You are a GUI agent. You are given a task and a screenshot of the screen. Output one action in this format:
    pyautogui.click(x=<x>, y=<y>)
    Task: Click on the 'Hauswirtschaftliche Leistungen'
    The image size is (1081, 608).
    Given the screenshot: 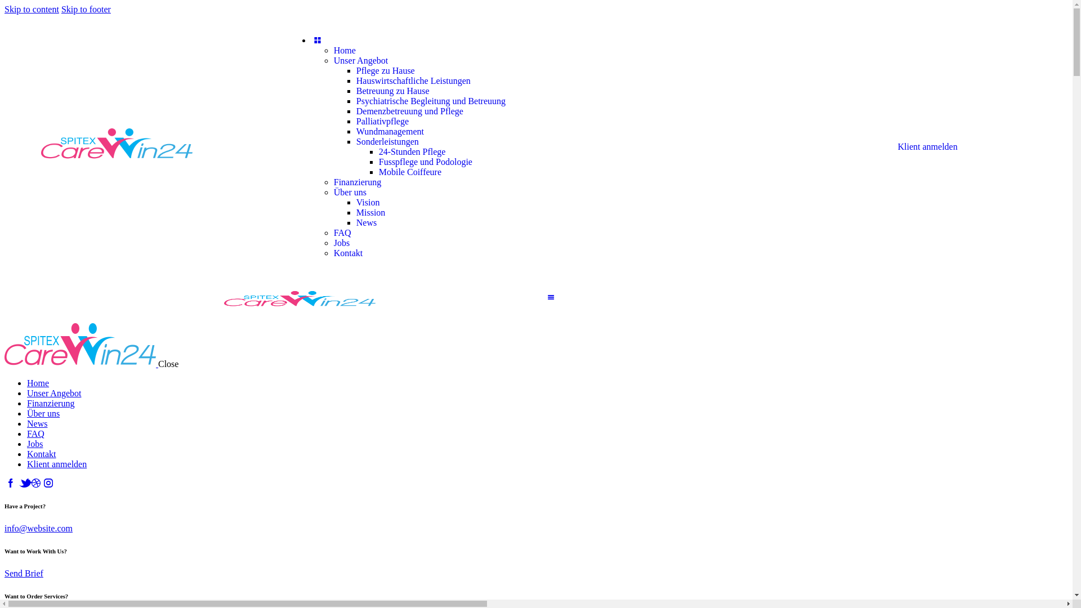 What is the action you would take?
    pyautogui.click(x=413, y=80)
    